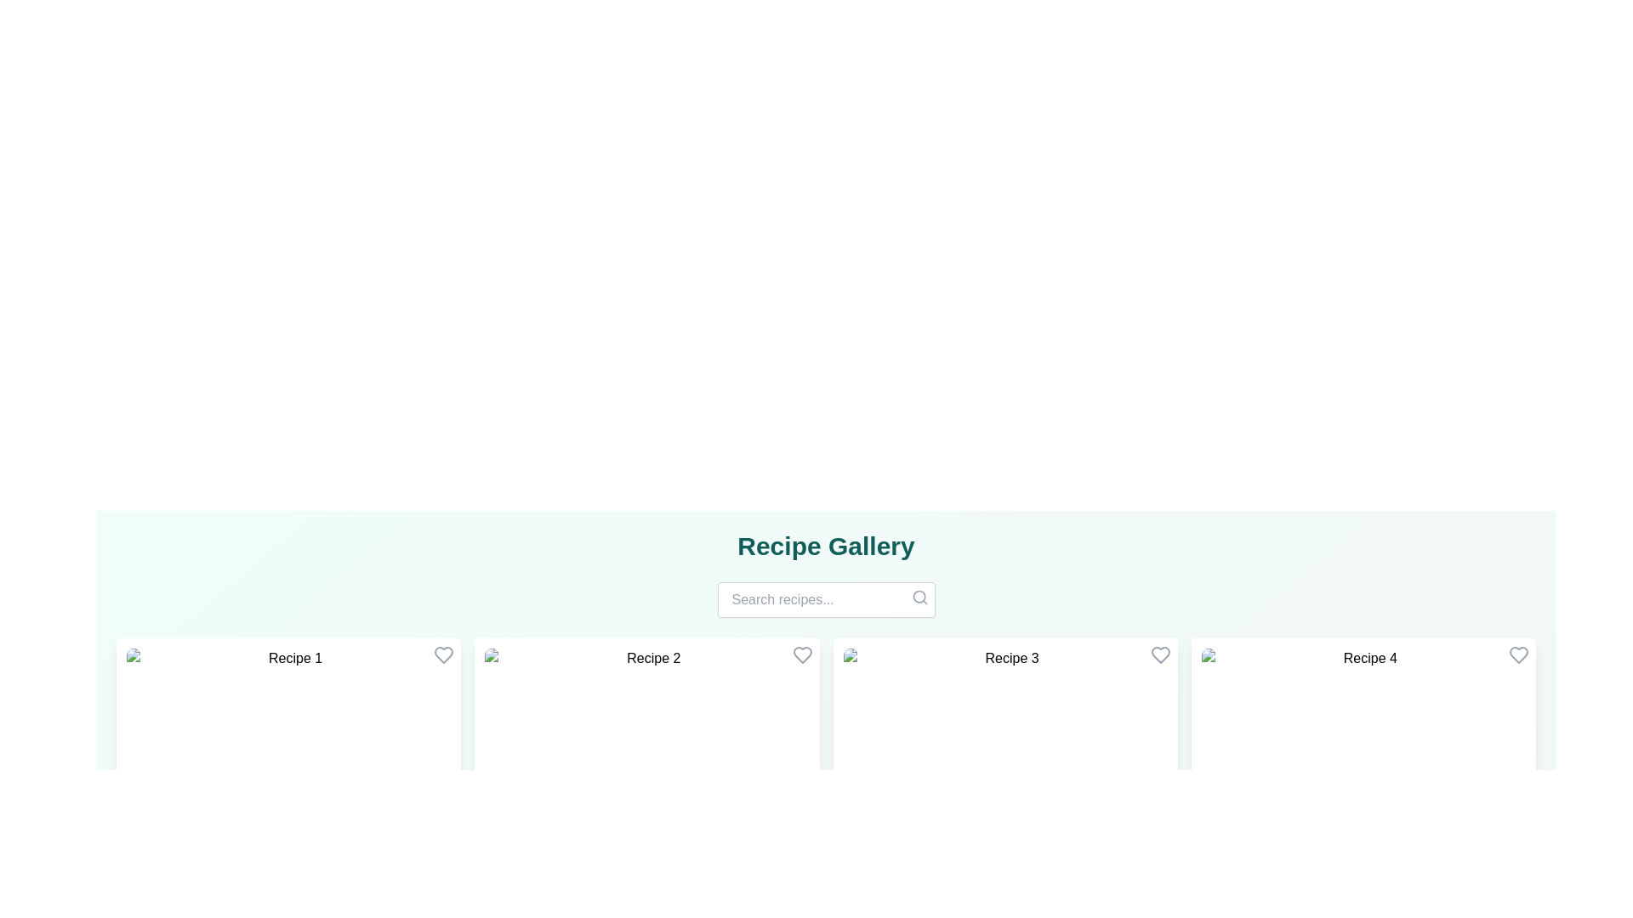 Image resolution: width=1633 pixels, height=918 pixels. Describe the element at coordinates (1159, 654) in the screenshot. I see `the non-interactive 'favorite' icon located at the top-right corner of the third recipe card` at that location.